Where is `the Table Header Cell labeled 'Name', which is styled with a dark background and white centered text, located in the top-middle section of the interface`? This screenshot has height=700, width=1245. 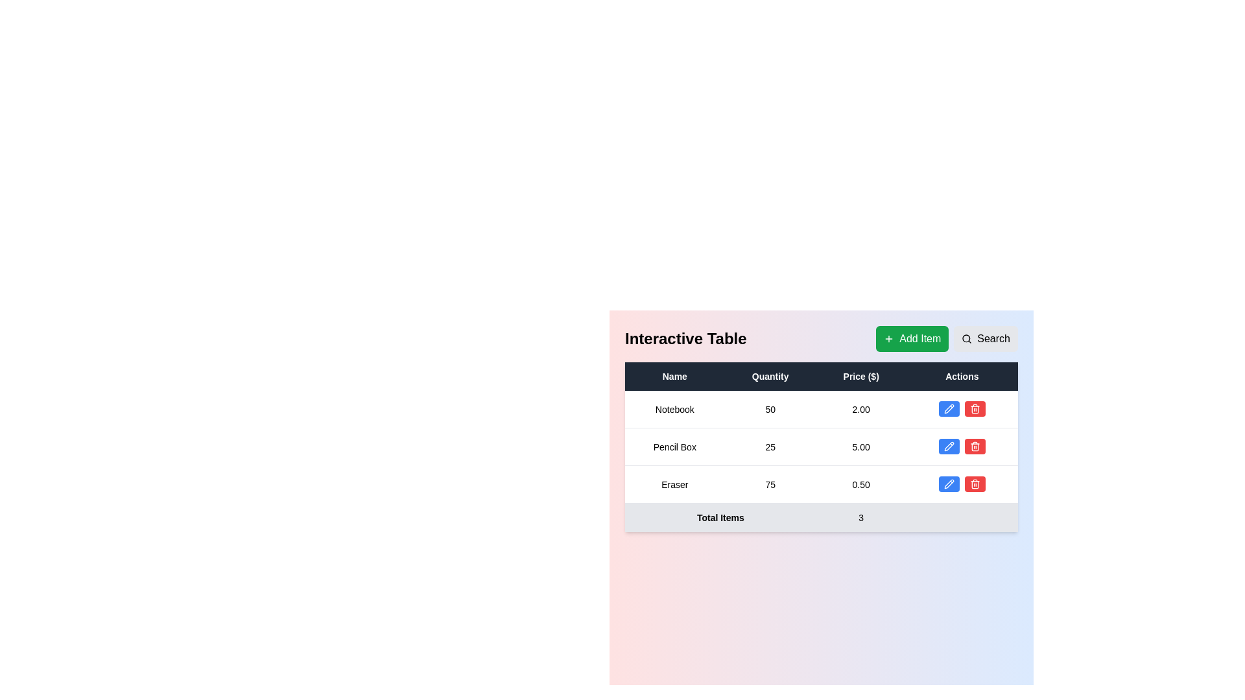
the Table Header Cell labeled 'Name', which is styled with a dark background and white centered text, located in the top-middle section of the interface is located at coordinates (674, 377).